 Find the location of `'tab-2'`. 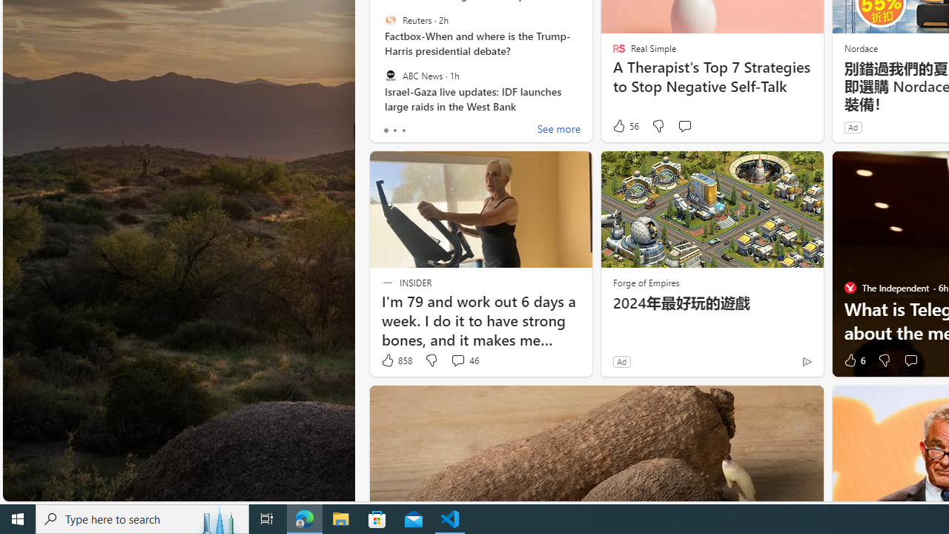

'tab-2' is located at coordinates (403, 130).